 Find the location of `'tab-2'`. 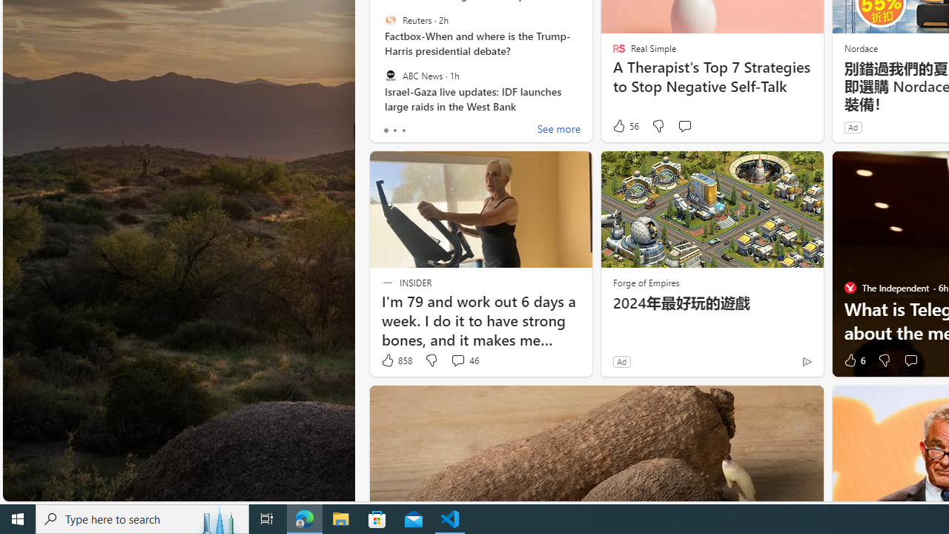

'tab-2' is located at coordinates (403, 130).